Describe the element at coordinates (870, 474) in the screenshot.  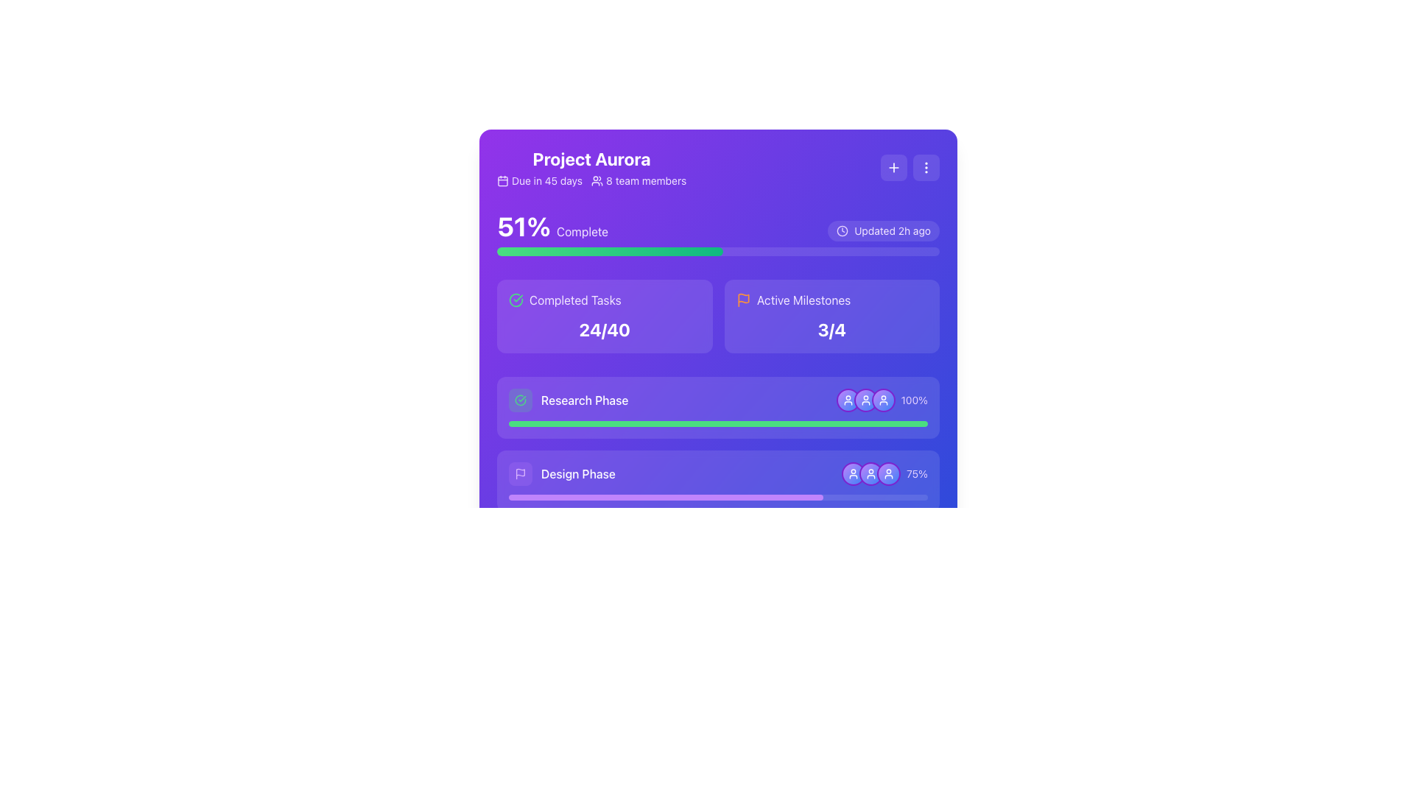
I see `the second user icon or avatar in the row of three located at the bottom of the 'Design Phase' section` at that location.